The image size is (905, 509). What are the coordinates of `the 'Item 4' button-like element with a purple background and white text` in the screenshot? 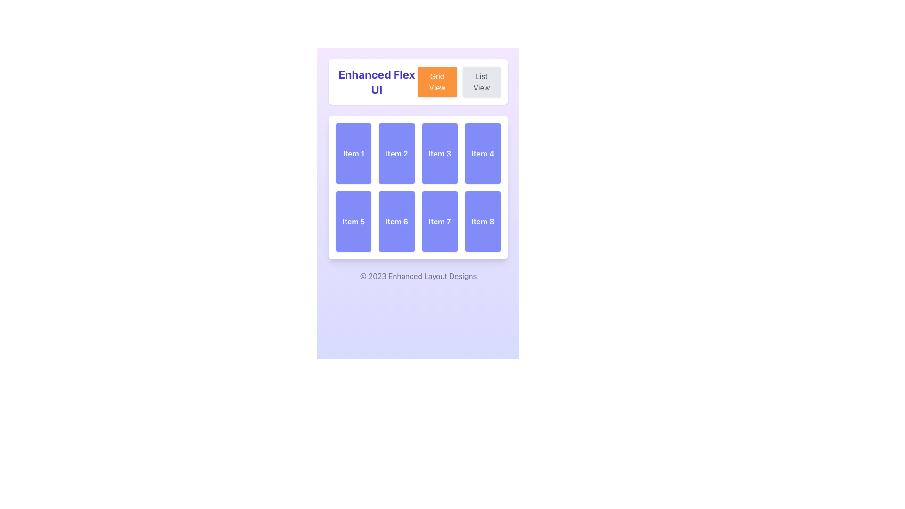 It's located at (483, 153).